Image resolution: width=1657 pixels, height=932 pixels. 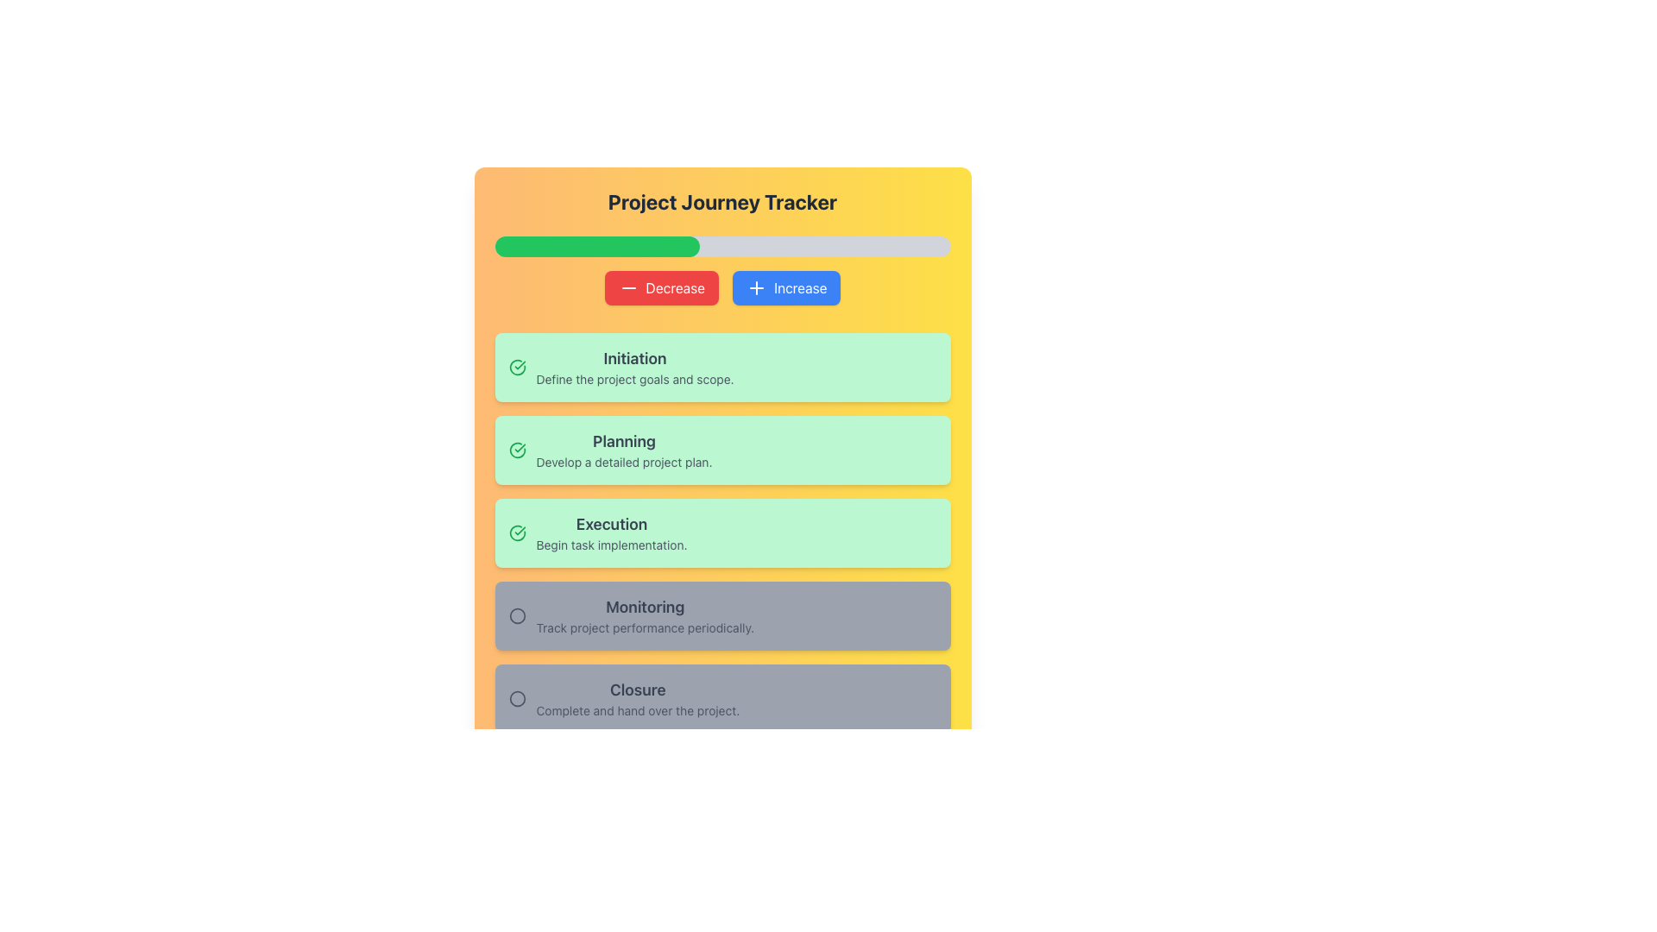 I want to click on text from the topmost text label in the 'Project Journey Tracker' section, which displays 'Initiation' in bold and larger font, along with the description 'Define the project goals and scope.', so click(x=634, y=366).